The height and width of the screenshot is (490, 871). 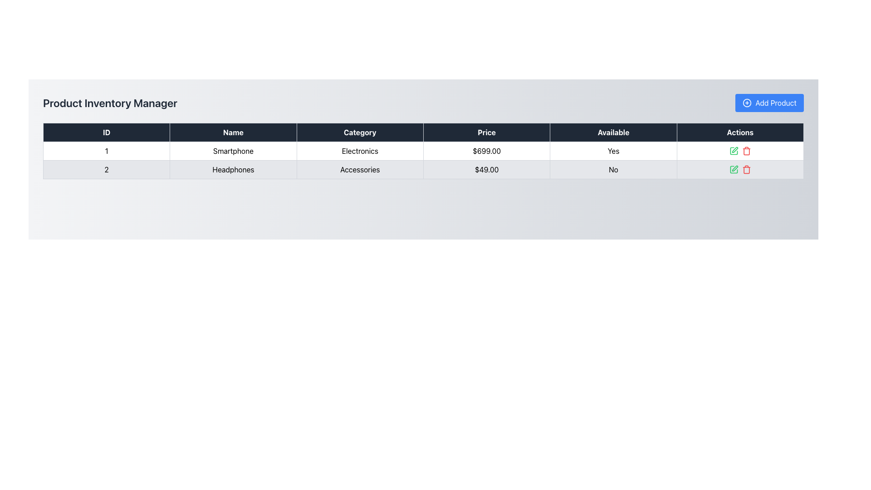 What do you see at coordinates (735, 149) in the screenshot?
I see `the edit icon in the 'Actions' column of the second row in the product inventory table` at bounding box center [735, 149].